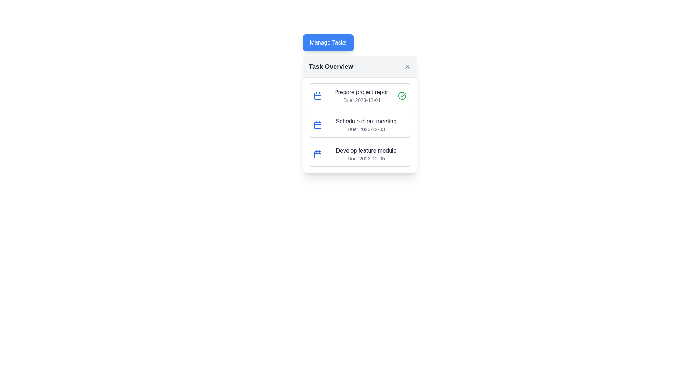 This screenshot has height=385, width=685. I want to click on the text label that serves as the title of the task located in the first task entry under the 'Task Overview' section, positioned above the 'Due: 2023-12-01' text, so click(362, 92).